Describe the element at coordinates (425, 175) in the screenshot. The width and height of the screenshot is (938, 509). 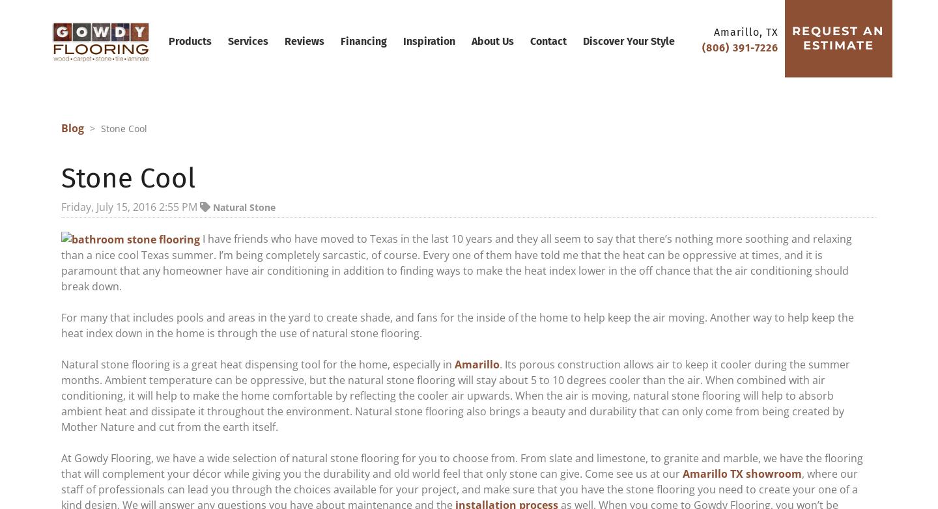
I see `'Luxury Vinyl'` at that location.